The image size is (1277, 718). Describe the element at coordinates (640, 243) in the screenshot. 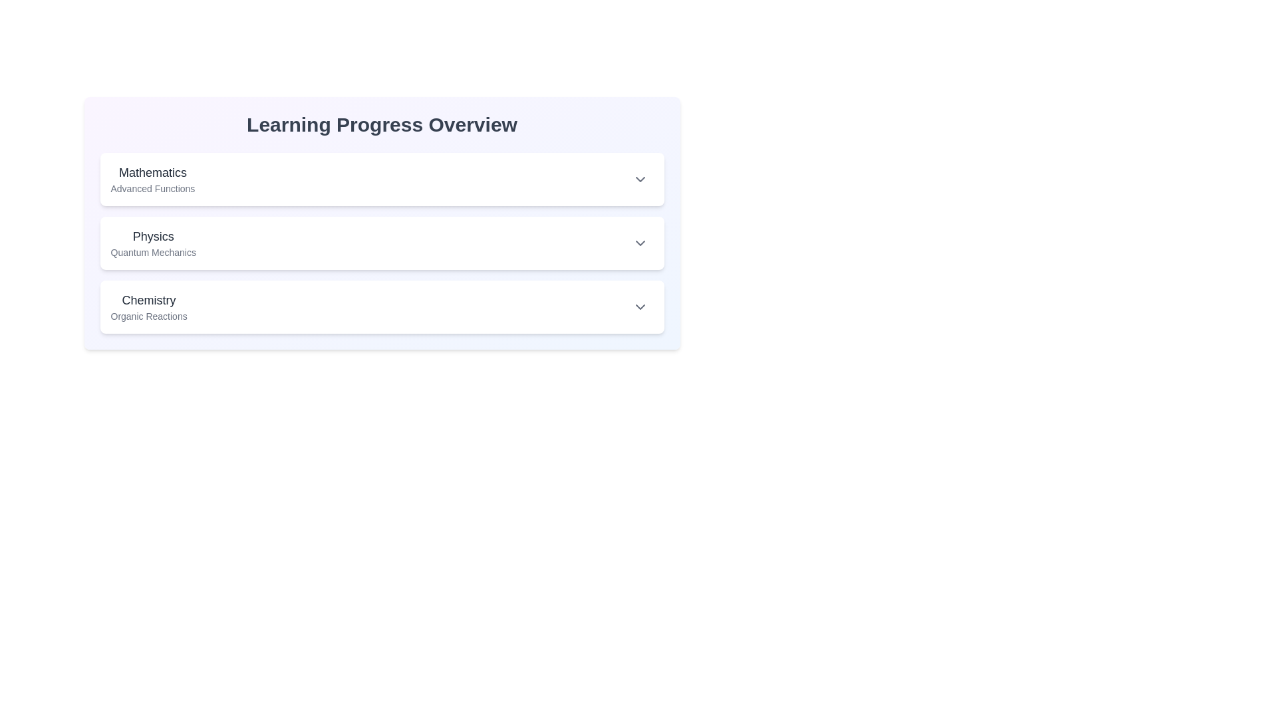

I see `the chevron button in the 'Physics' collapsible section` at that location.